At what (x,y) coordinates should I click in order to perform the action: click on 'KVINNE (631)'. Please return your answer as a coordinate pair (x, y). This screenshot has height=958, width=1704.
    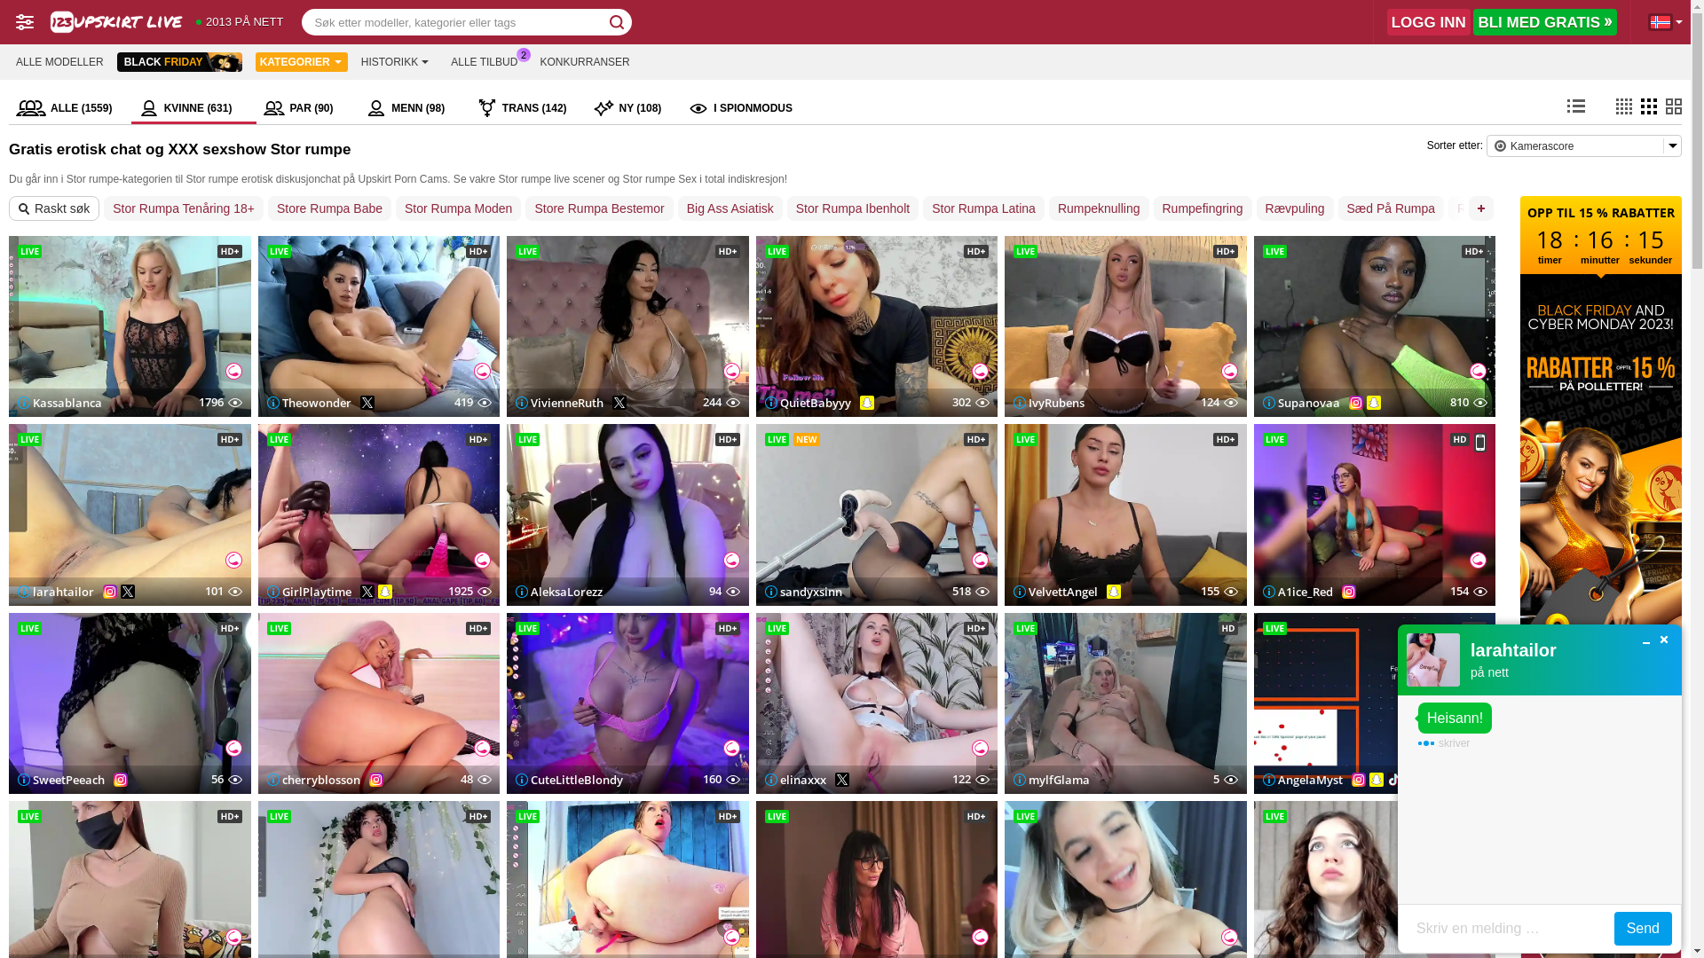
    Looking at the image, I should click on (194, 108).